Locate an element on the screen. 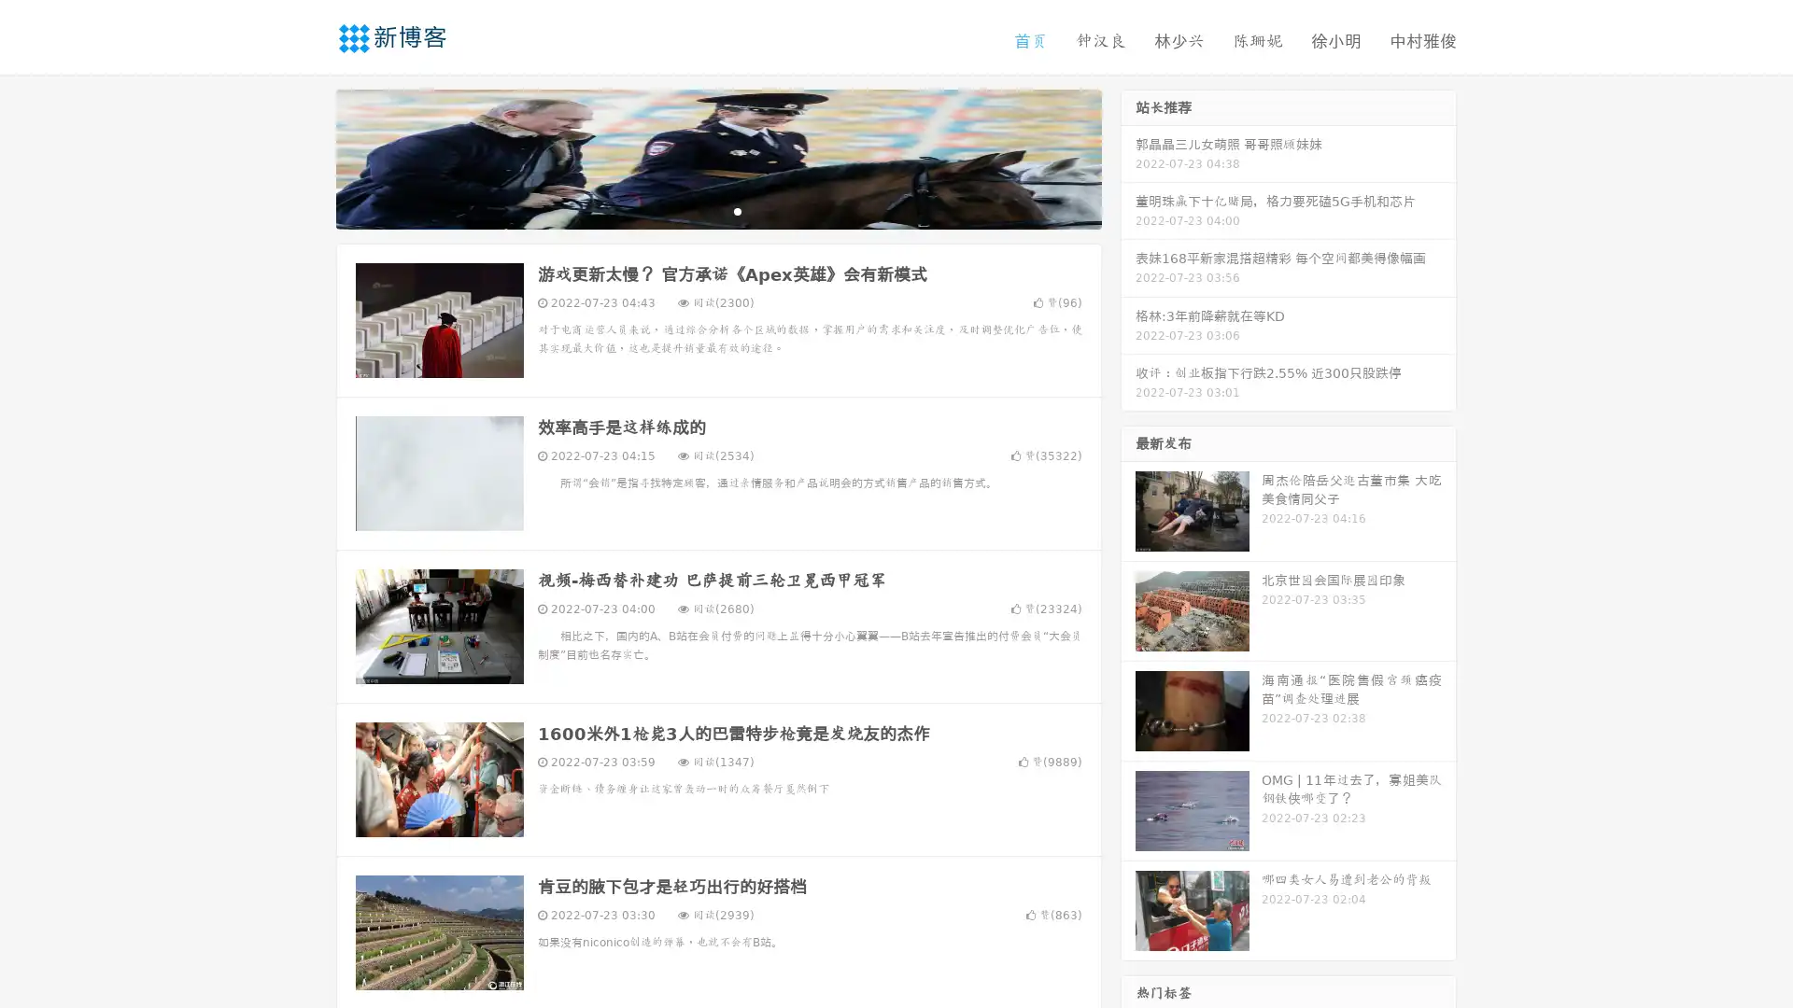  Go to slide 2 is located at coordinates (717, 210).